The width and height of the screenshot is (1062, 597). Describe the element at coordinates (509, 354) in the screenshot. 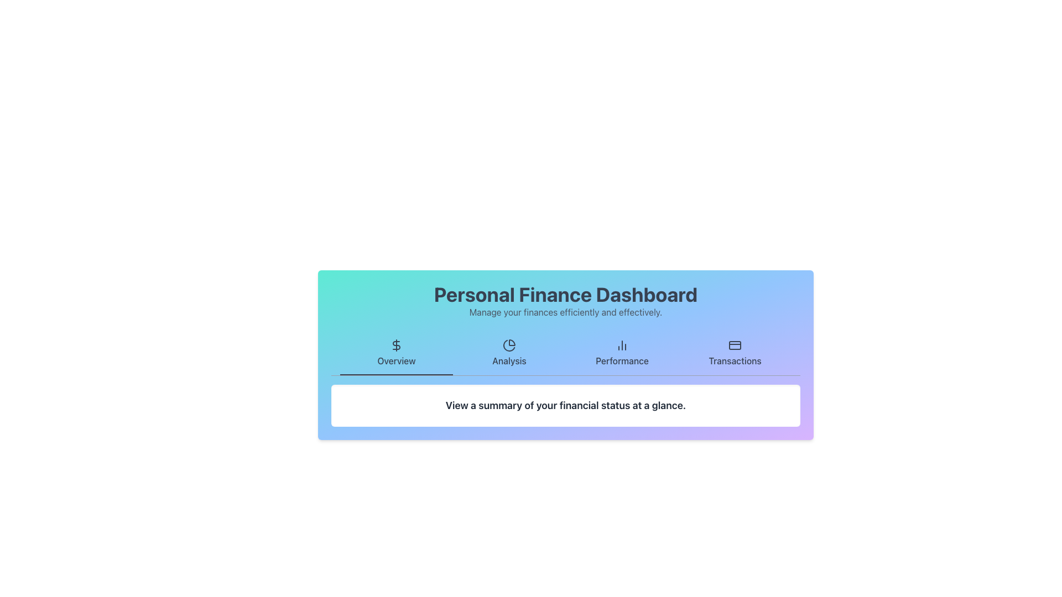

I see `the 'Analysis' navigation button in the Personal Finance Dashboard, which is the second item from the left in the navigation bar` at that location.